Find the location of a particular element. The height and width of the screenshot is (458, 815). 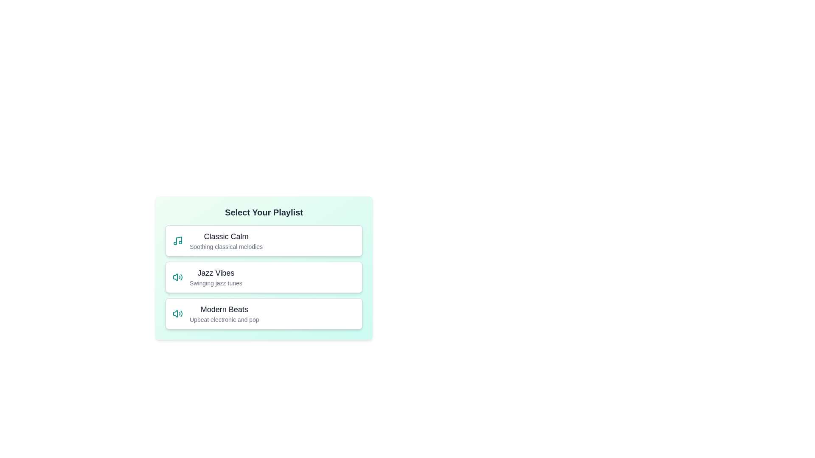

the 'Modern Beats' text display element, which features bold text and is positioned centrally in a card-like structure, located below 'Jazz Vibes' is located at coordinates (224, 314).